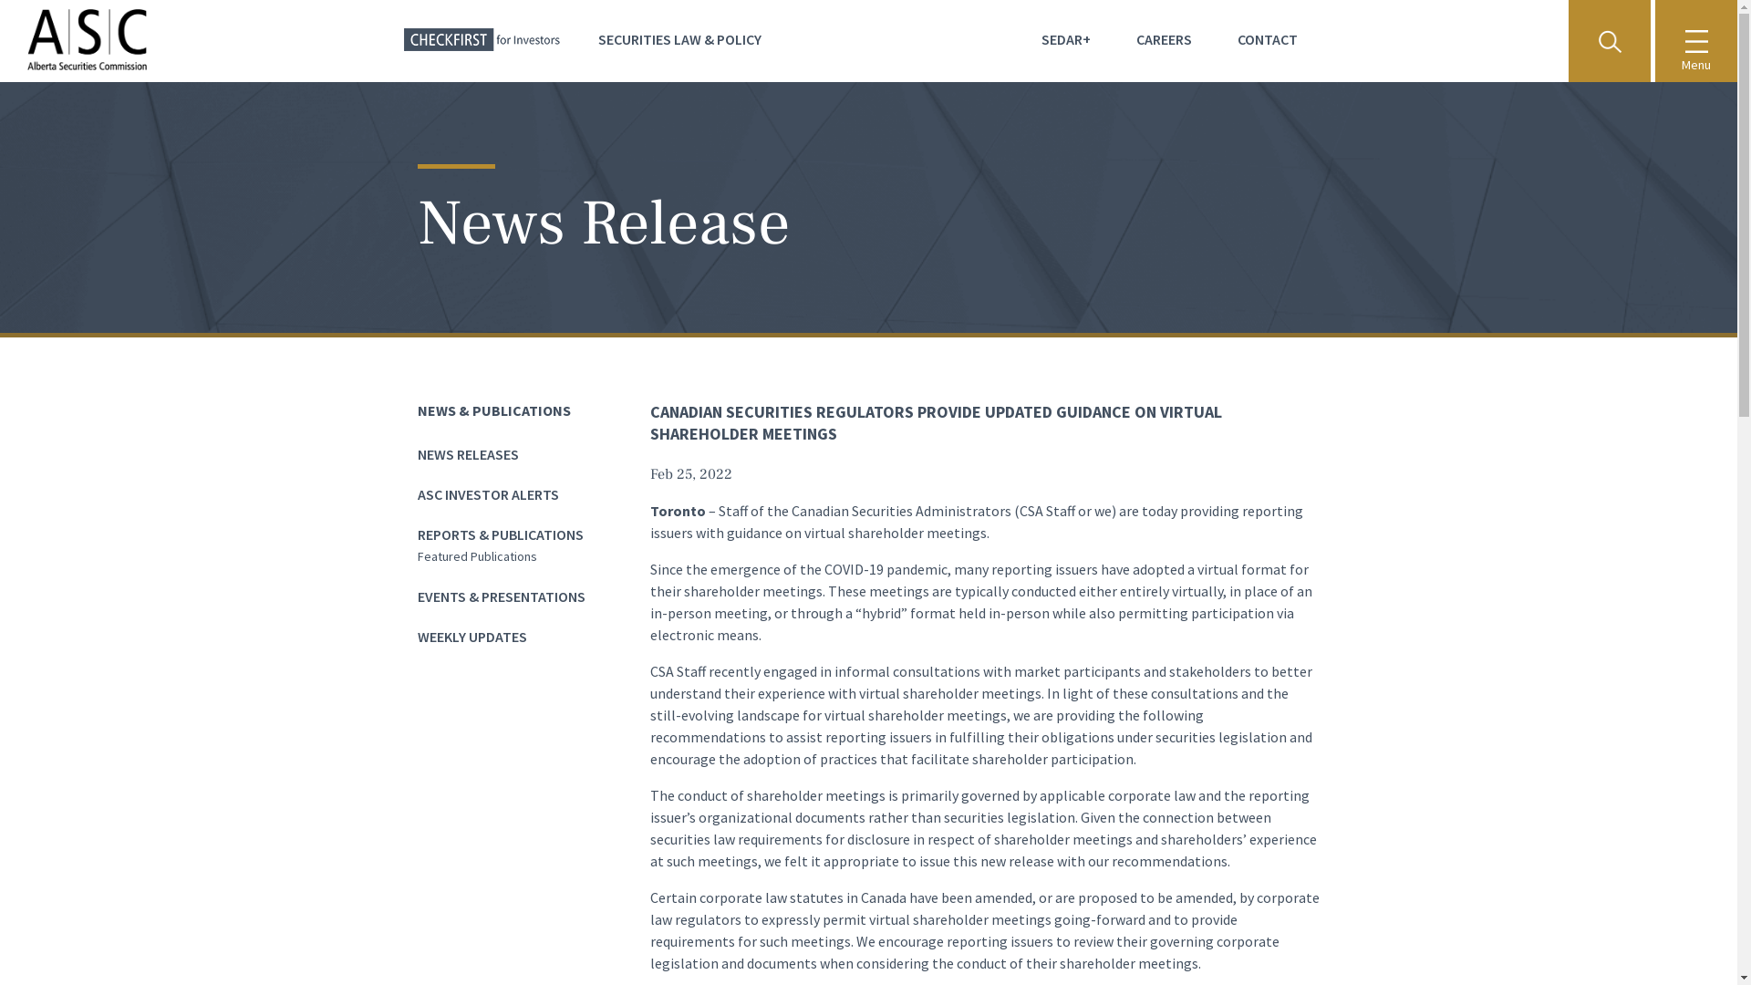 The image size is (1751, 985). I want to click on 'SECURITIES LAW & POLICY', so click(589, 38).